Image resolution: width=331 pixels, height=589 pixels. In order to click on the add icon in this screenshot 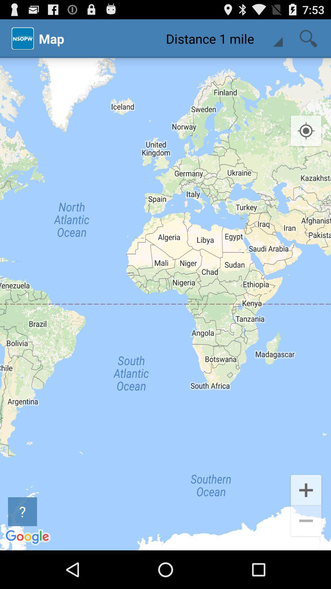, I will do `click(306, 524)`.